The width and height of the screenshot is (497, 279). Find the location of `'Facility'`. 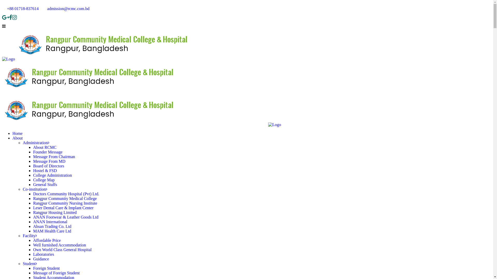

'Facility' is located at coordinates (30, 236).